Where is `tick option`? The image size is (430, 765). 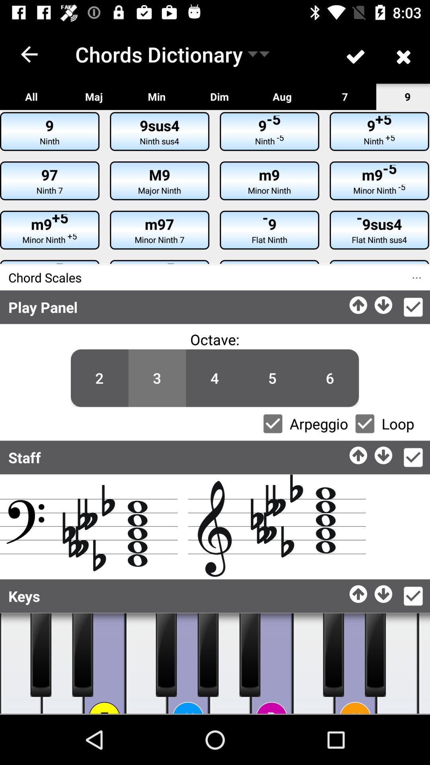 tick option is located at coordinates (412, 596).